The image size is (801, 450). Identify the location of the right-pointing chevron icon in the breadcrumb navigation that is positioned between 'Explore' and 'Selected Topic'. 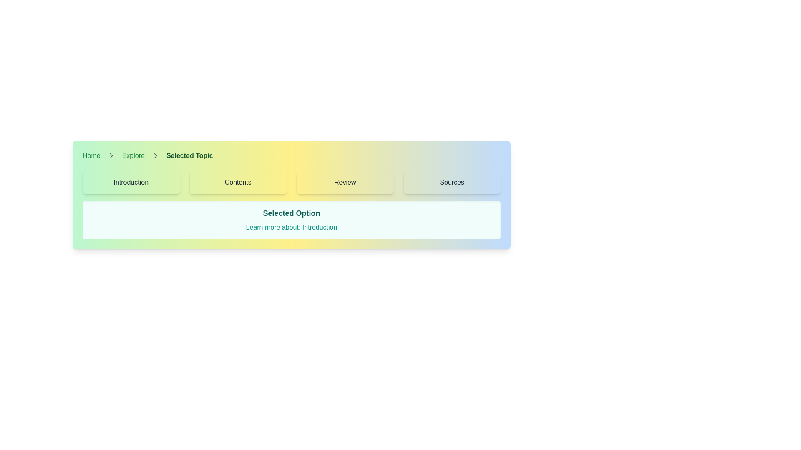
(155, 156).